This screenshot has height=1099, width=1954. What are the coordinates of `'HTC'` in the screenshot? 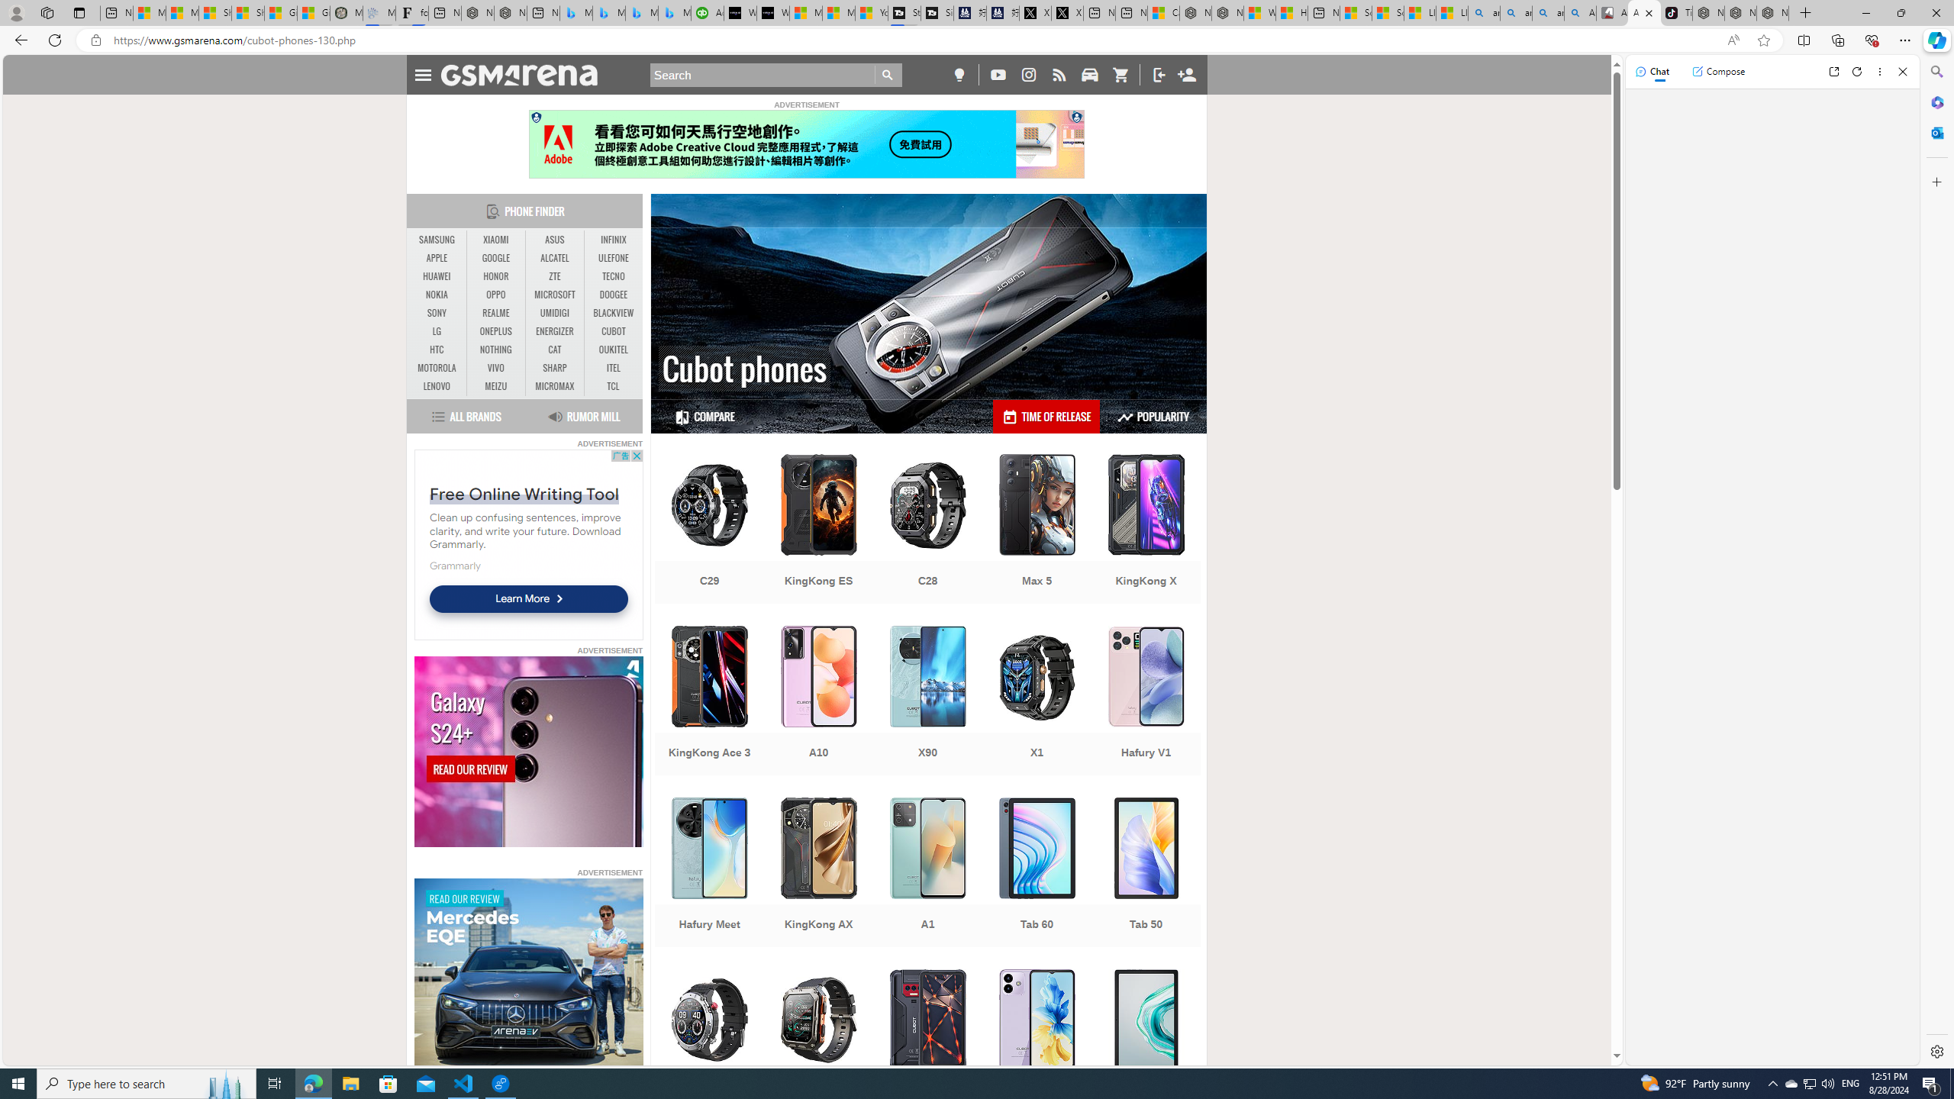 It's located at (437, 350).